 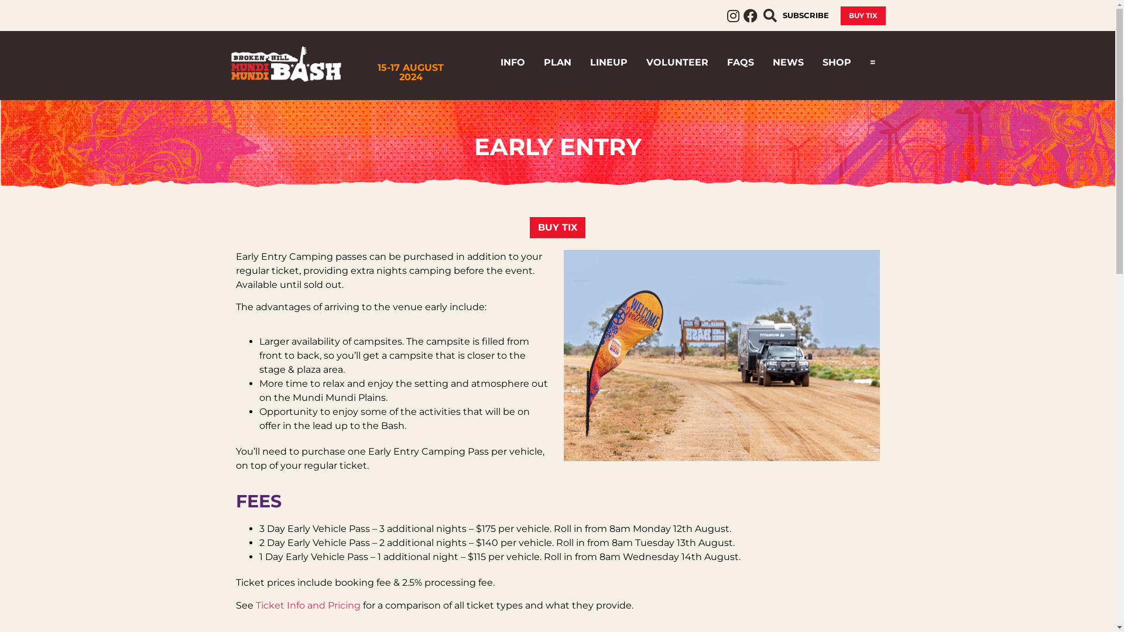 I want to click on 'SUBSCRIBE', so click(x=804, y=15).